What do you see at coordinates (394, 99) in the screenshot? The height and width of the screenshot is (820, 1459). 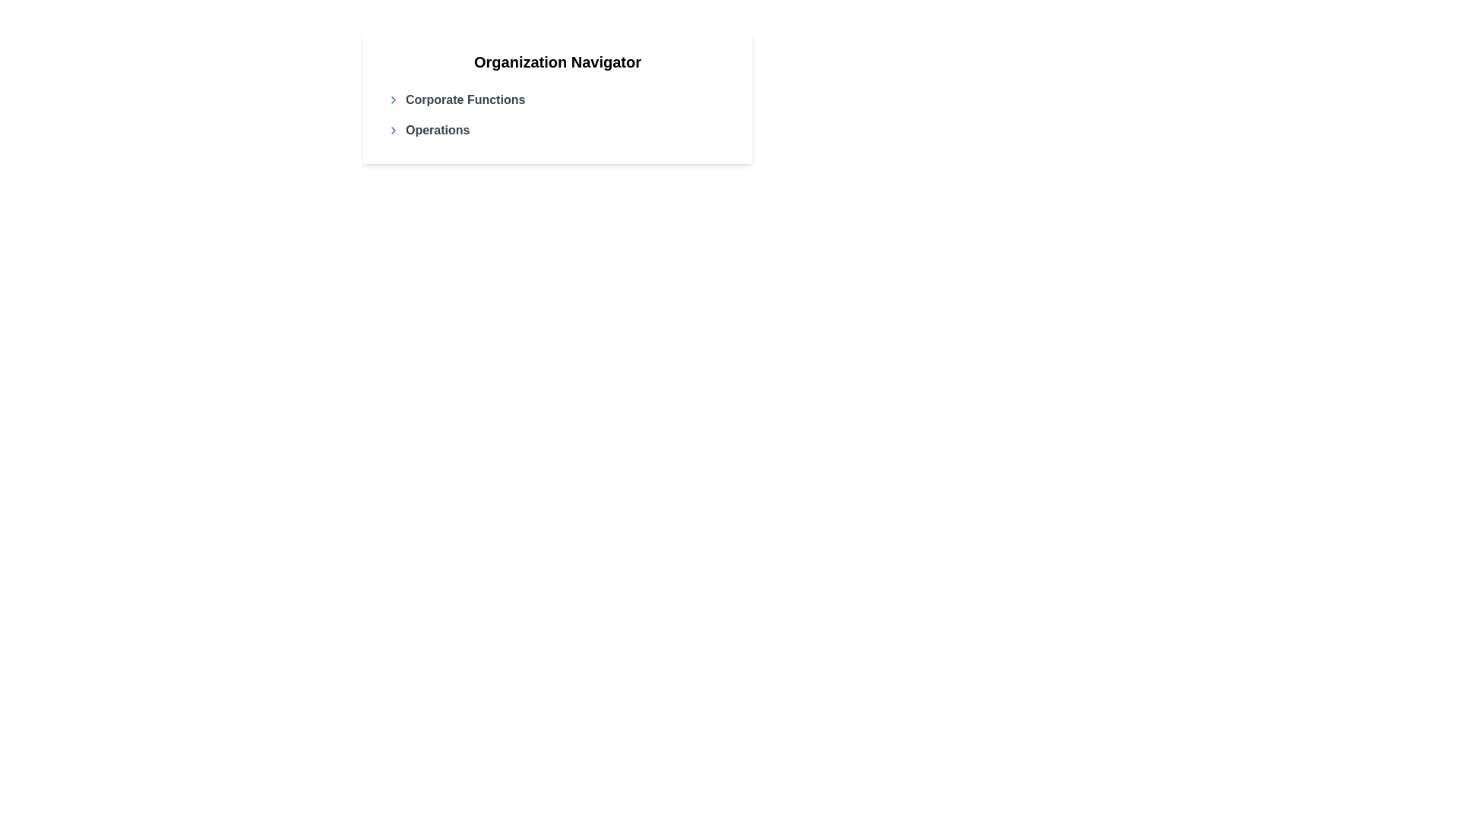 I see `the small blue chevron icon pointing to the right, which is located next to the label 'Corporate Functions'` at bounding box center [394, 99].